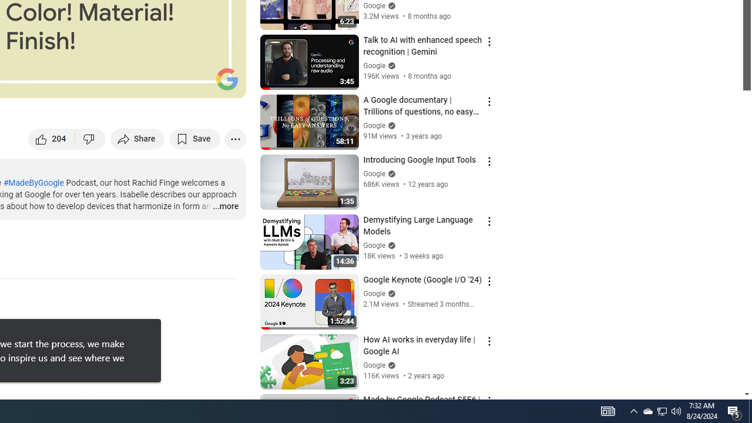 Image resolution: width=752 pixels, height=423 pixels. Describe the element at coordinates (196, 83) in the screenshot. I see `'Theater mode (t)'` at that location.